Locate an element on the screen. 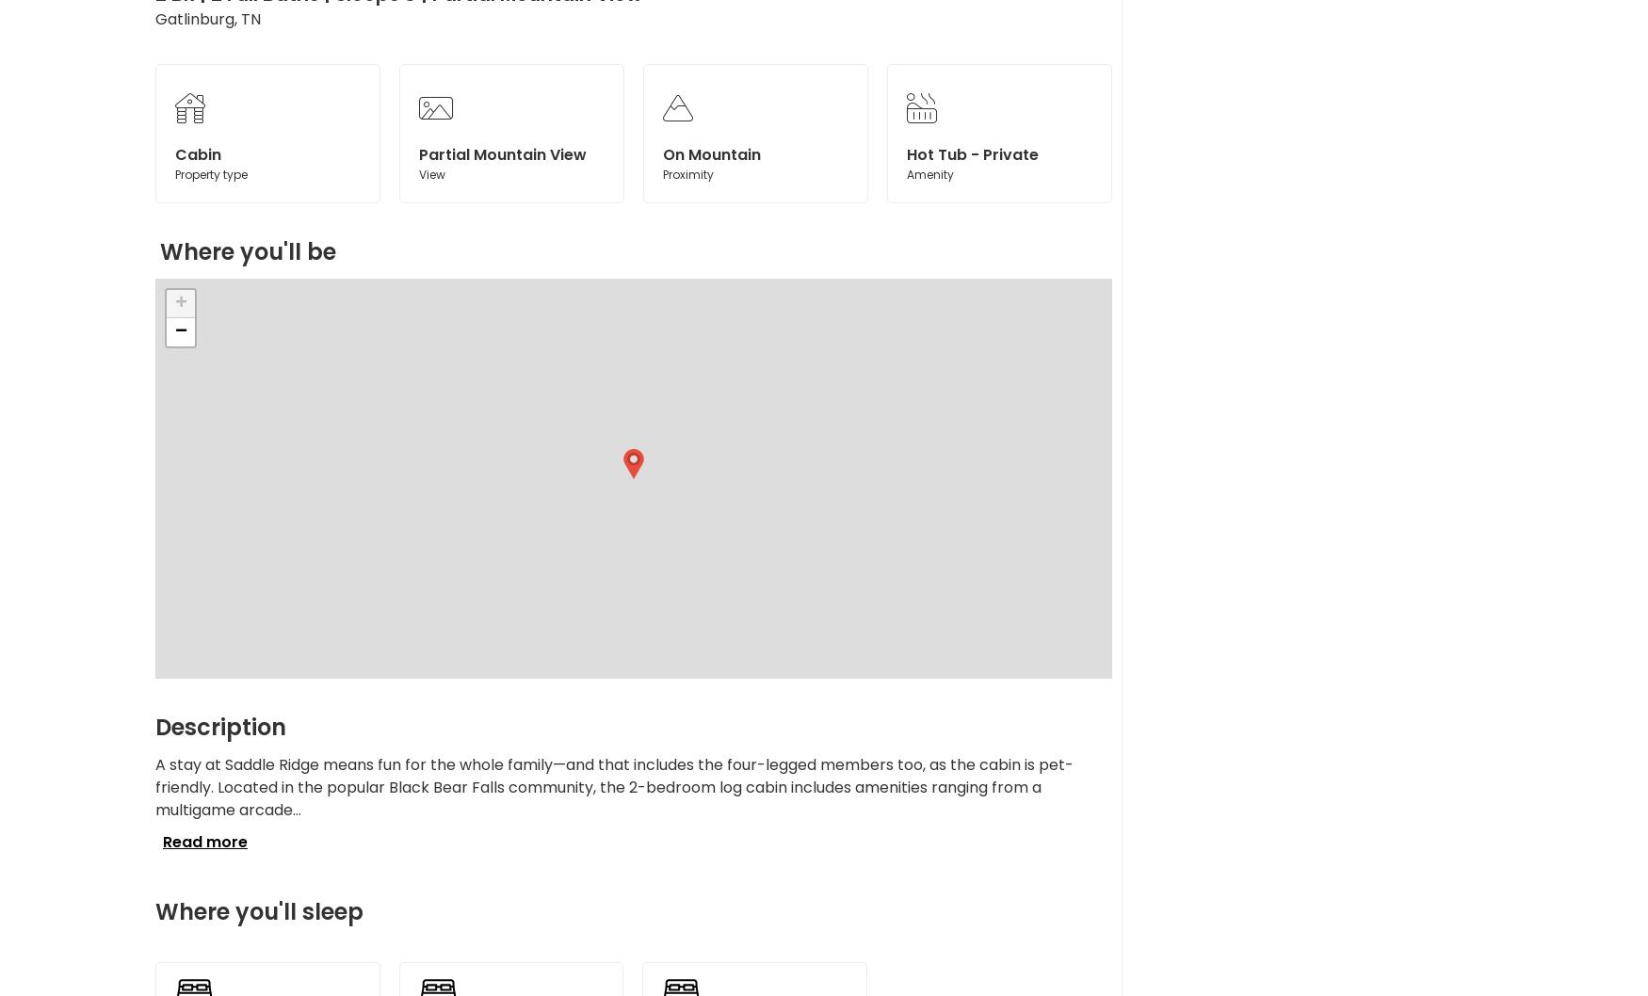 The height and width of the screenshot is (996, 1648). '4.62' is located at coordinates (1074, 209).